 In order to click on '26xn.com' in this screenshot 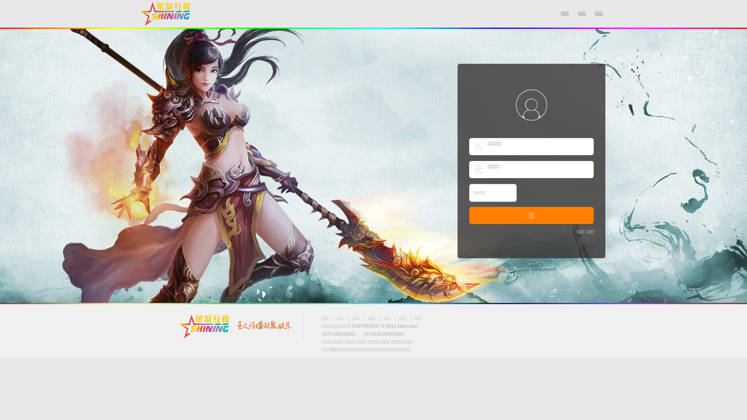, I will do `click(407, 326)`.